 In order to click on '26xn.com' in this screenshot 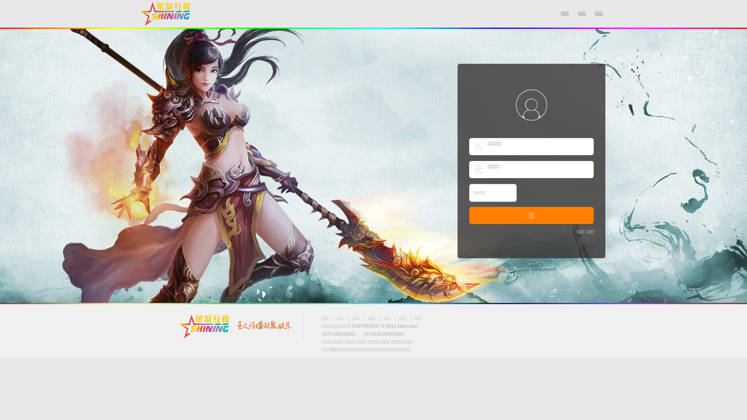, I will do `click(407, 326)`.